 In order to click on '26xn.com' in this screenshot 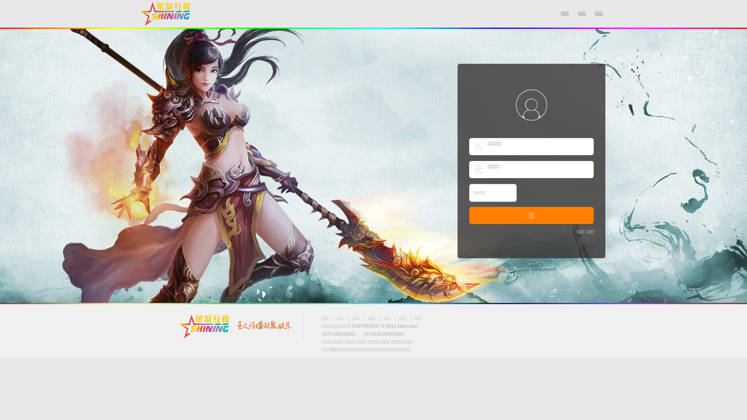, I will do `click(407, 326)`.